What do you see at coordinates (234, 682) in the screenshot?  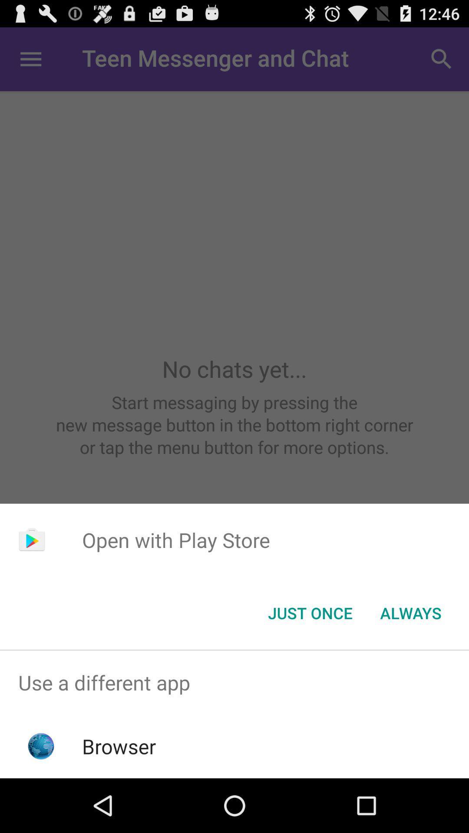 I see `app above the browser icon` at bounding box center [234, 682].